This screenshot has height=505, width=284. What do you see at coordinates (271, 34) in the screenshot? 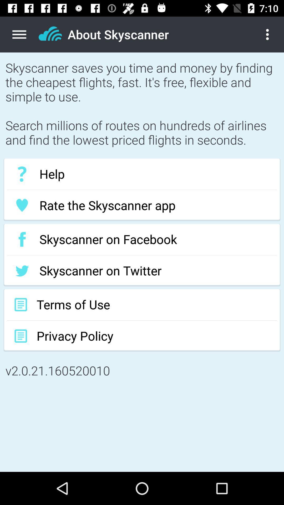
I see `the app to the right of the about skyscanner` at bounding box center [271, 34].